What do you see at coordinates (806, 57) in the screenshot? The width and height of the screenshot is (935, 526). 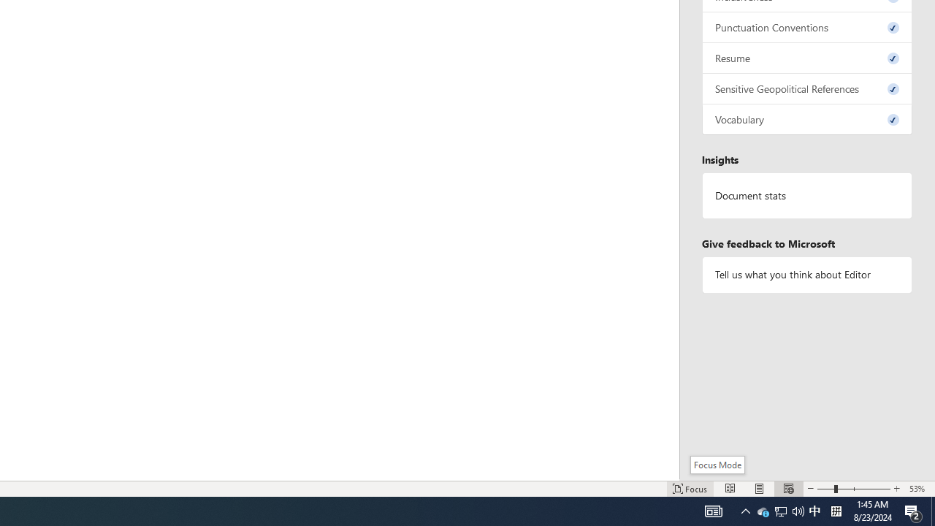 I see `'Resume, 0 issues. Press space or enter to review items.'` at bounding box center [806, 57].